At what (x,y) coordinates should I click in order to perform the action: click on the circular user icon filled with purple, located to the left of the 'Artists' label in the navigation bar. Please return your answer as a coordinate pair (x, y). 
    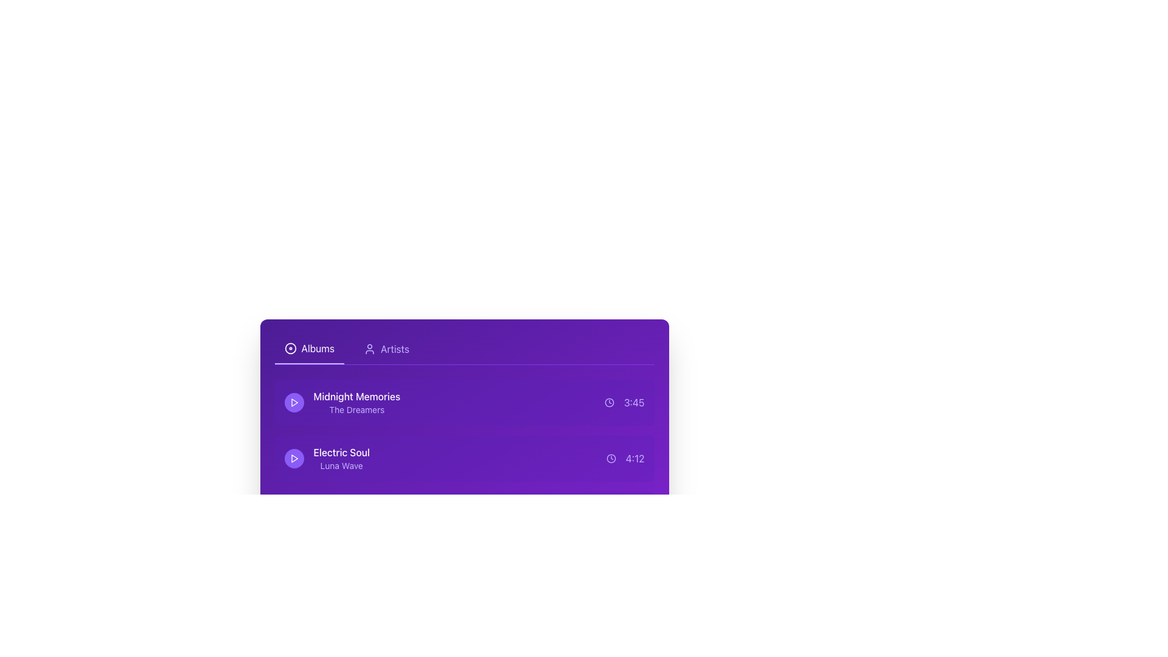
    Looking at the image, I should click on (369, 349).